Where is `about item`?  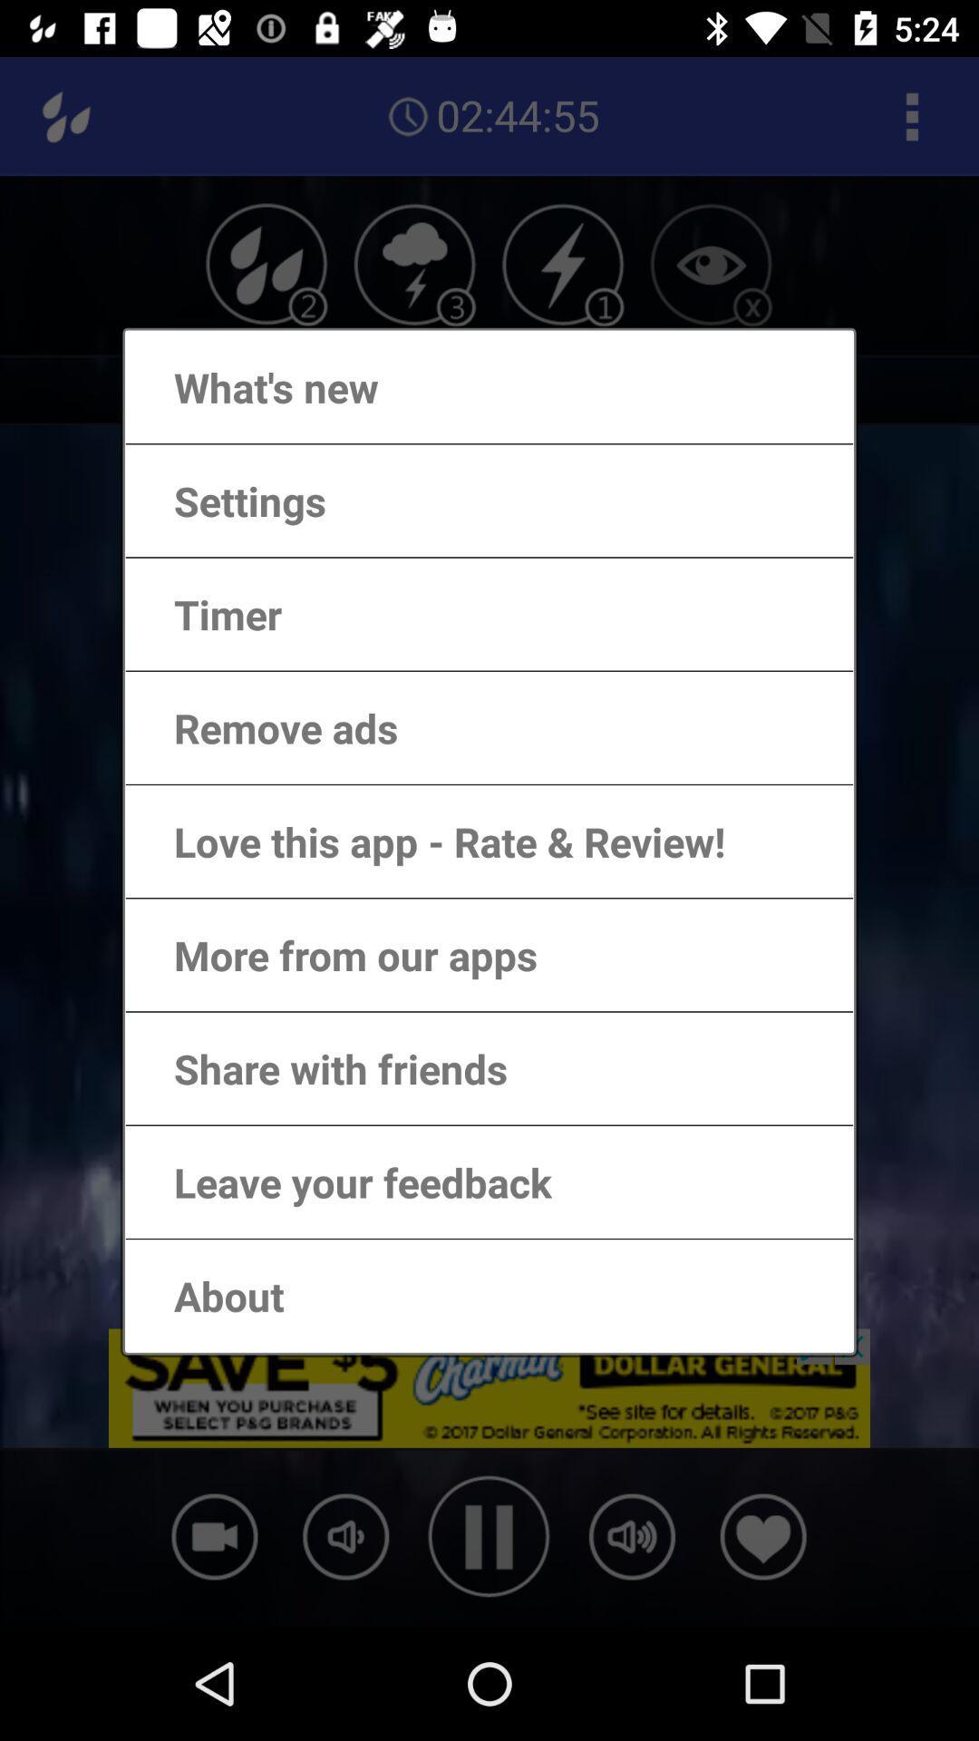
about item is located at coordinates (209, 1295).